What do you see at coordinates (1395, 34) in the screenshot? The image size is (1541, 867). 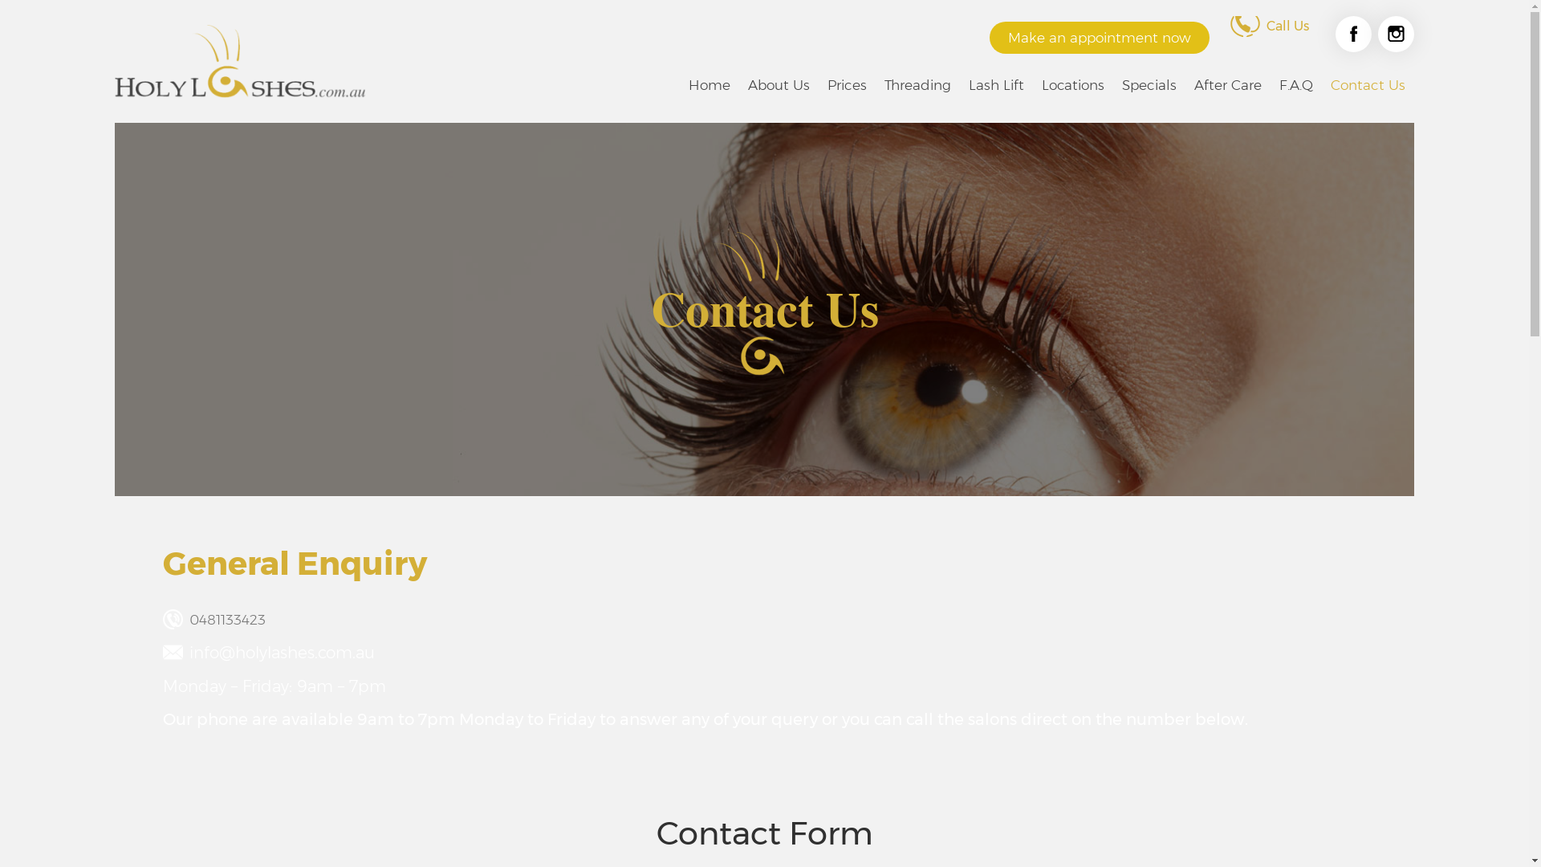 I see `'Instagram'` at bounding box center [1395, 34].